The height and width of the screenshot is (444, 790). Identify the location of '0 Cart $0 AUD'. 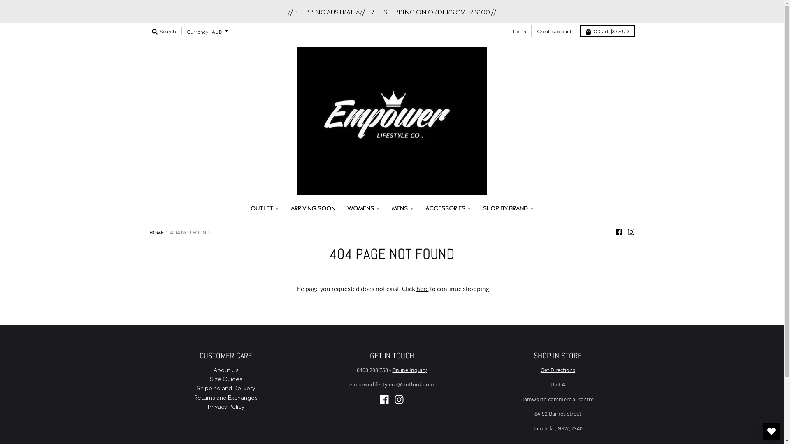
(606, 30).